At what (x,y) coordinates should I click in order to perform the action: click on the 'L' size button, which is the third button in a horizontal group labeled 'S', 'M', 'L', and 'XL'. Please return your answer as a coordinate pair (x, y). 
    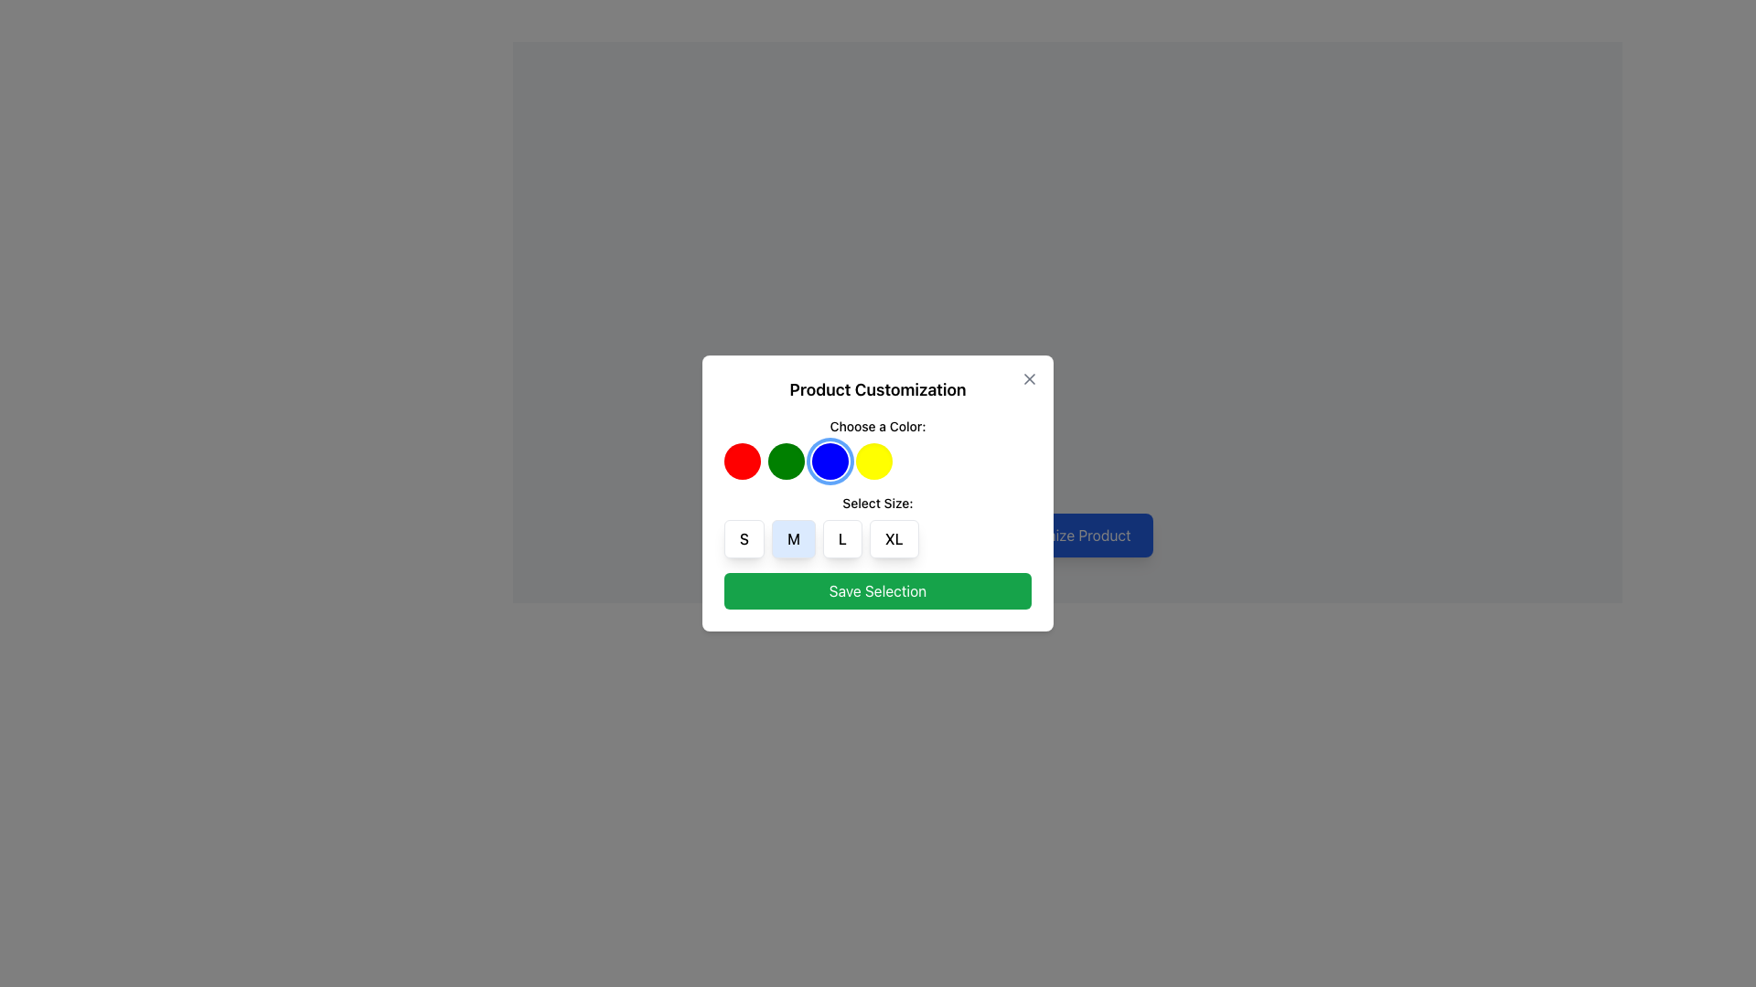
    Looking at the image, I should click on (841, 538).